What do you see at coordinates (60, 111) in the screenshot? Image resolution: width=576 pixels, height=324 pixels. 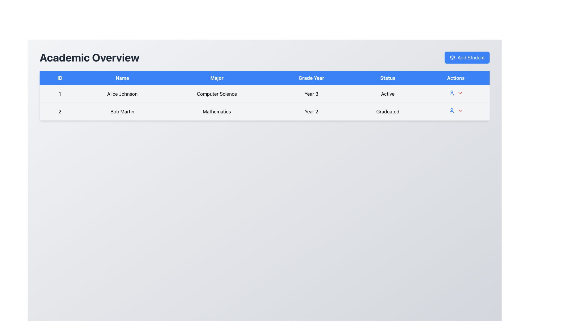 I see `the Text label that represents the unique identifier for Bob Martin in the table under the 'Academic Overview' header` at bounding box center [60, 111].